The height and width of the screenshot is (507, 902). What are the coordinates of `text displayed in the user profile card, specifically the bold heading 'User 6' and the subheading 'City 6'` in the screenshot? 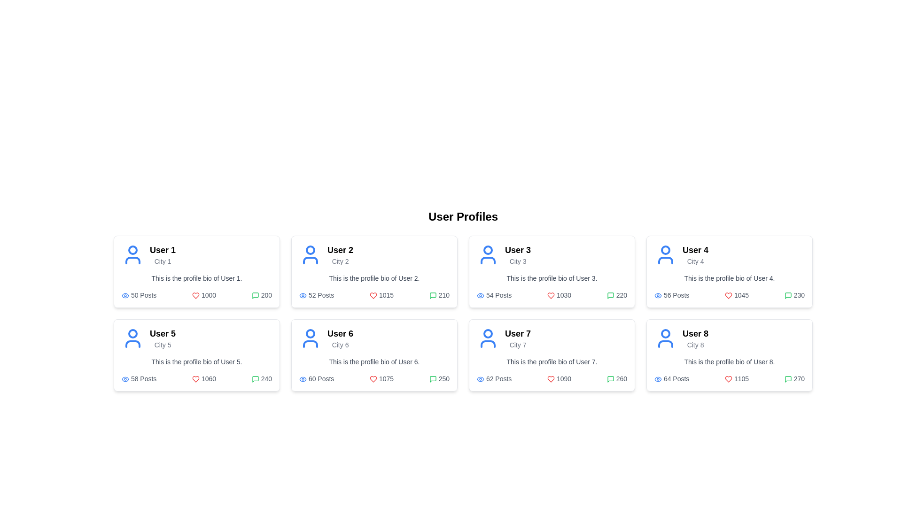 It's located at (340, 338).